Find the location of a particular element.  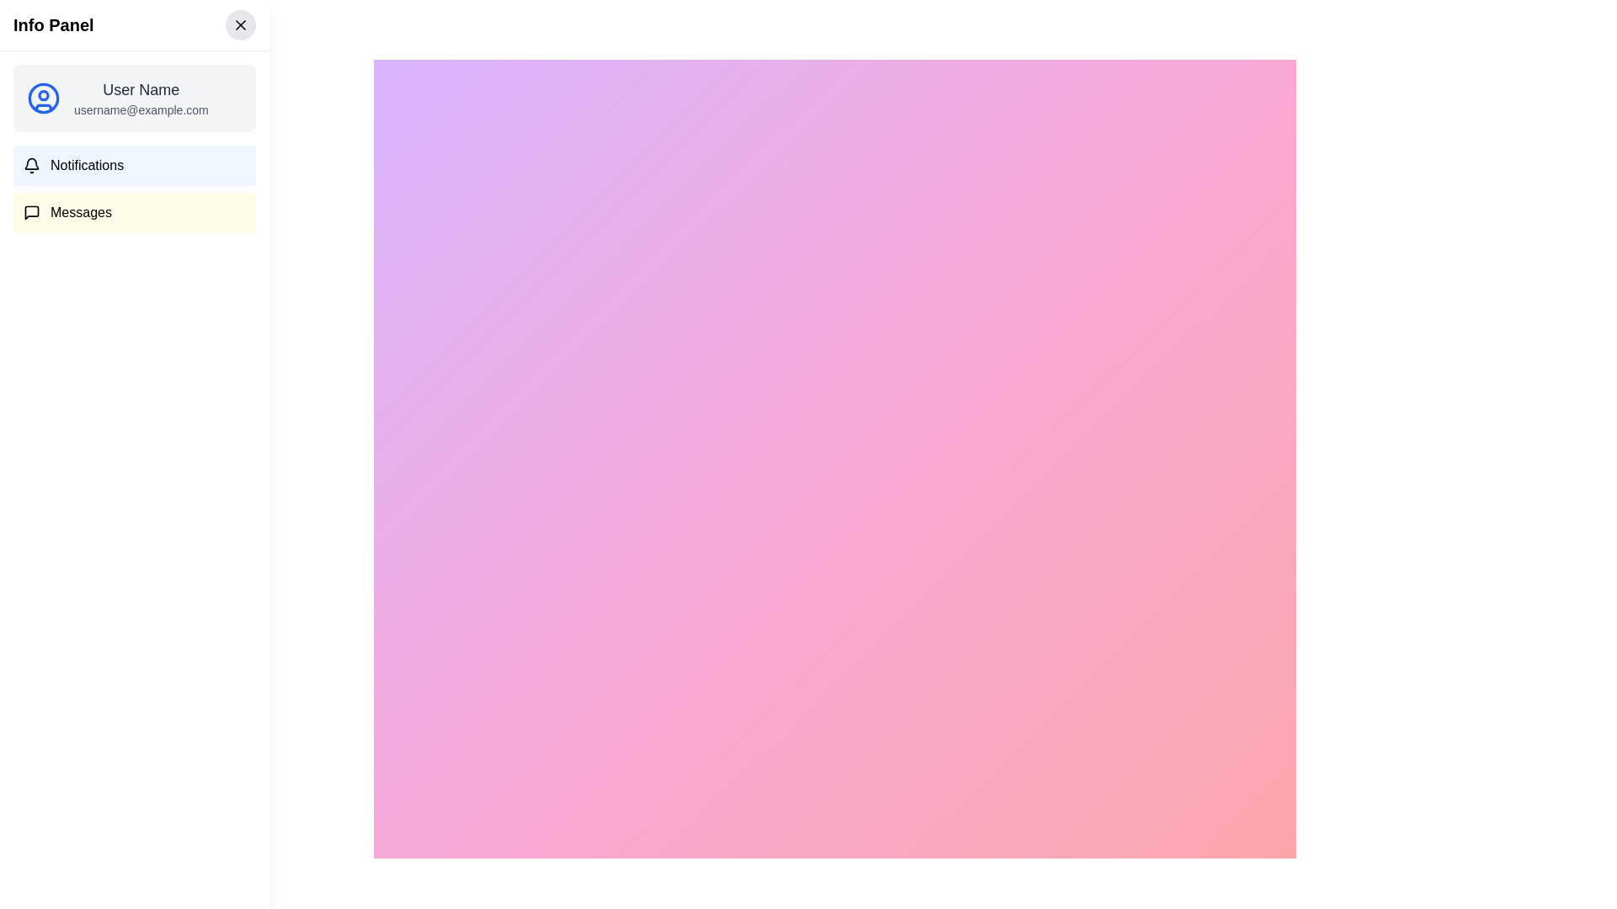

the 'User Name' text label, which is styled in dark gray and located in the top section of the side info panel next to the profile icon is located at coordinates (141, 90).